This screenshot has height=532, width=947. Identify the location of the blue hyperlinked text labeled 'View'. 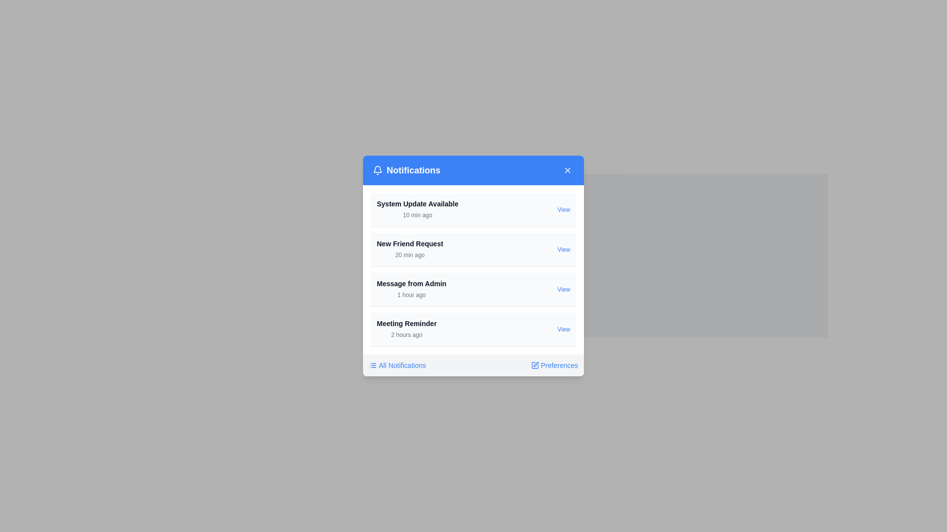
(564, 289).